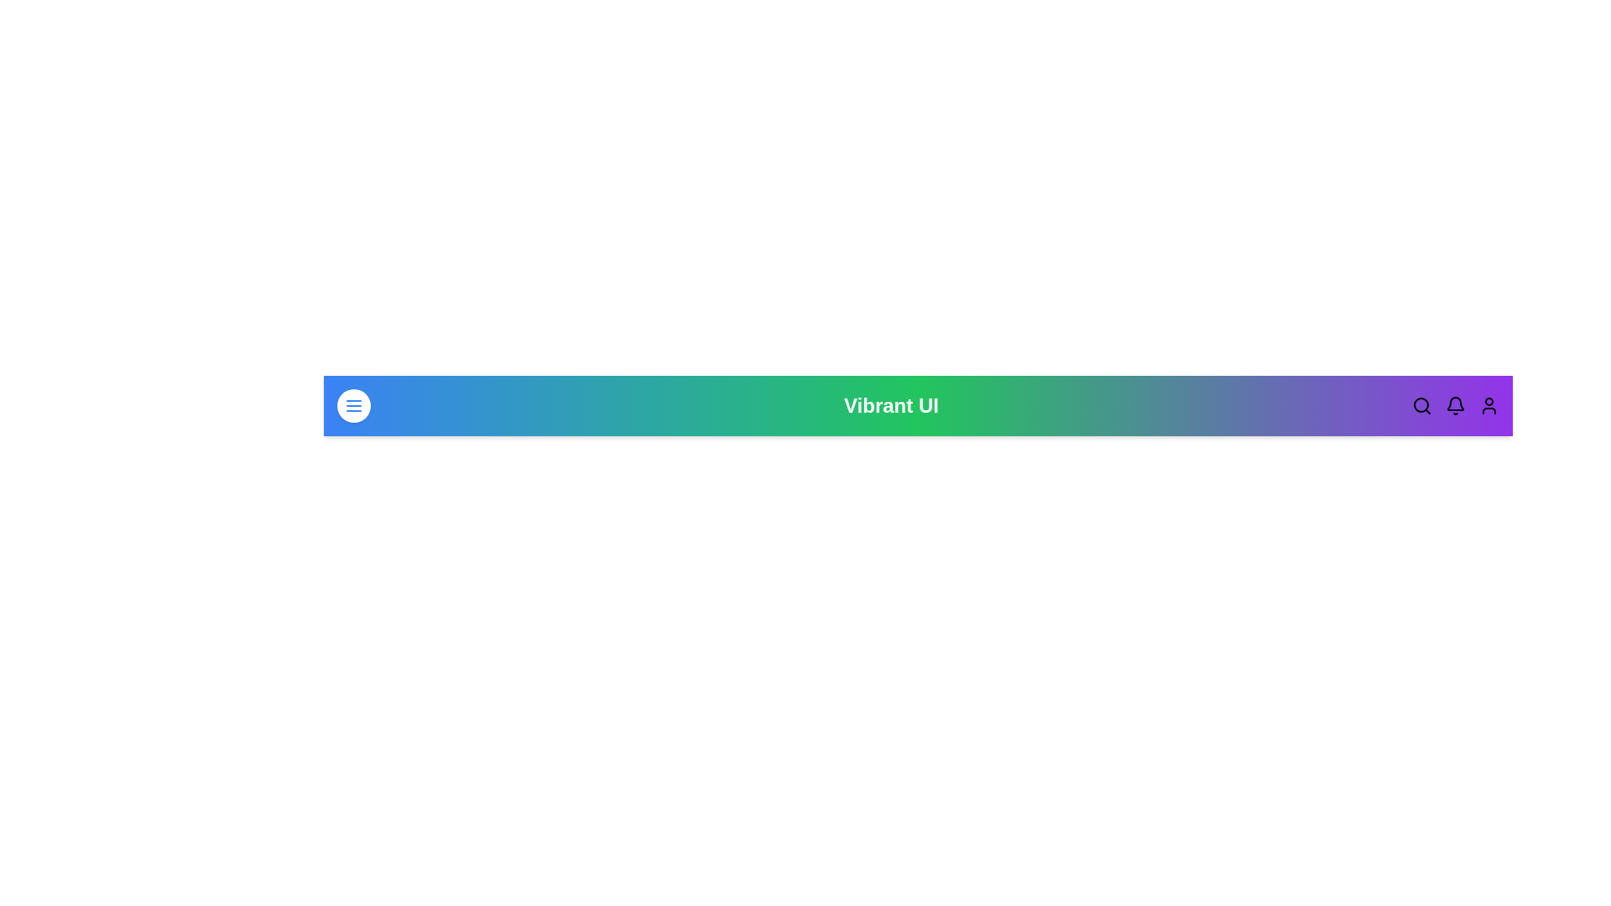 The height and width of the screenshot is (906, 1611). Describe the element at coordinates (353, 405) in the screenshot. I see `the menu icon to toggle the menu drawer` at that location.